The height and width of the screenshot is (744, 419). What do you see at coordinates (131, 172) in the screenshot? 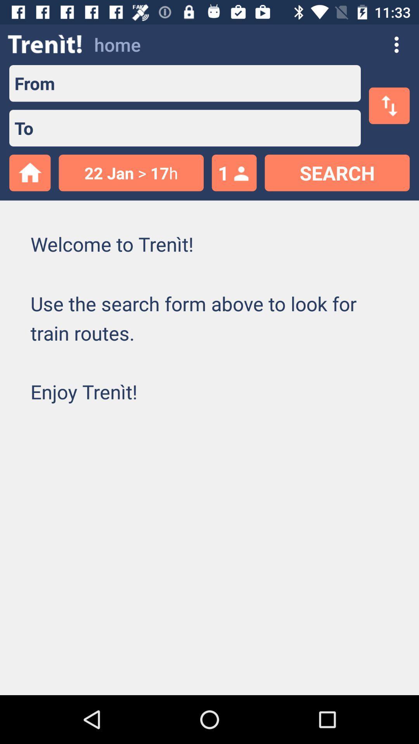
I see `item below the to icon` at bounding box center [131, 172].